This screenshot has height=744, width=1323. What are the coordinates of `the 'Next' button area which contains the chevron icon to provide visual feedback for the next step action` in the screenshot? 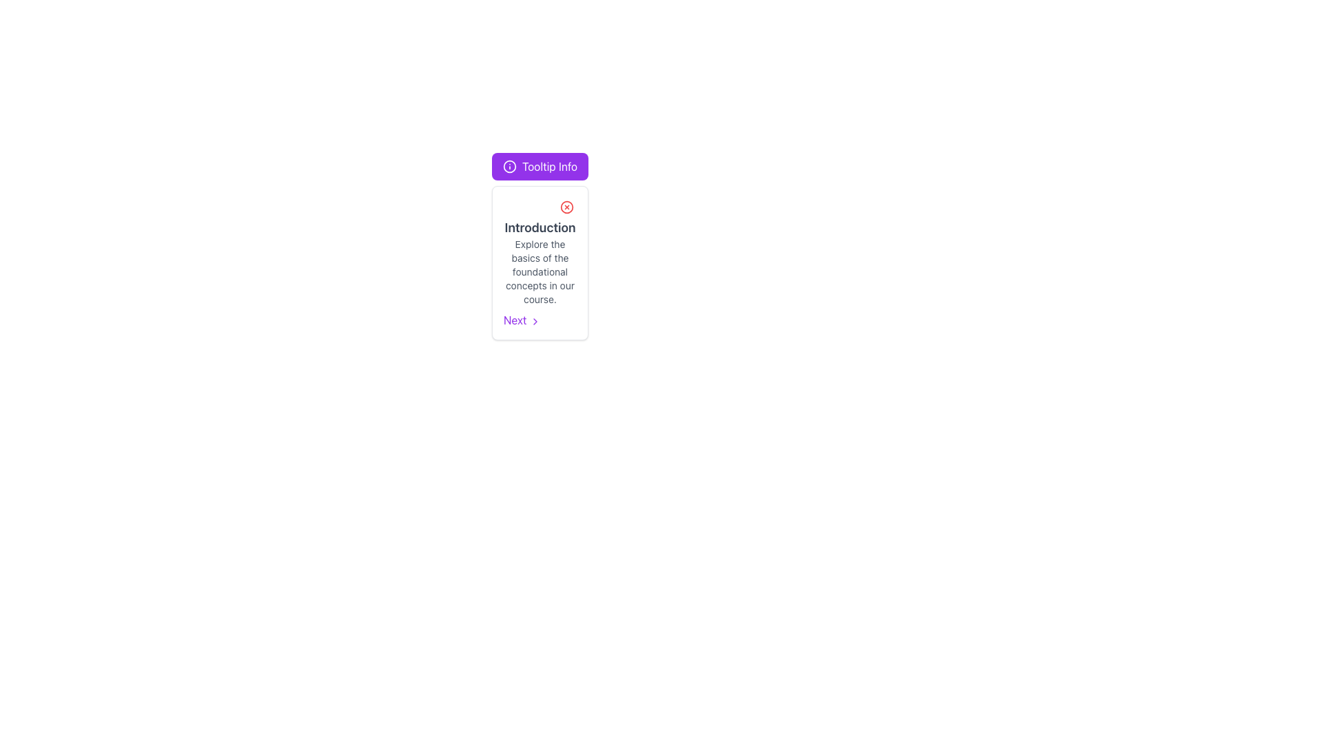 It's located at (534, 321).